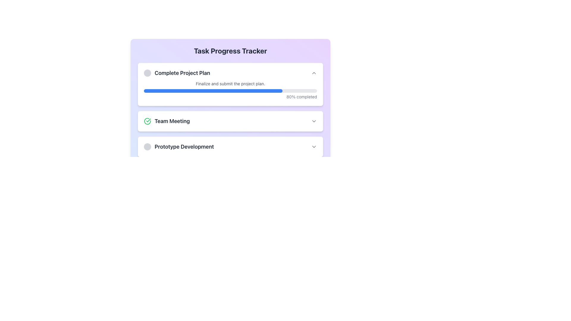 This screenshot has width=571, height=321. Describe the element at coordinates (172, 121) in the screenshot. I see `the text label indicating the name or title of a task or meeting in the task progress tracker, located on the second row, following a green checkmark icon` at that location.